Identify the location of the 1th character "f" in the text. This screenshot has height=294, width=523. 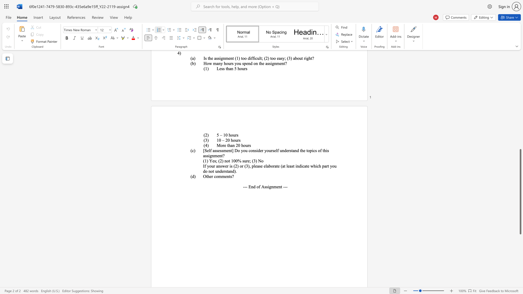
(205, 166).